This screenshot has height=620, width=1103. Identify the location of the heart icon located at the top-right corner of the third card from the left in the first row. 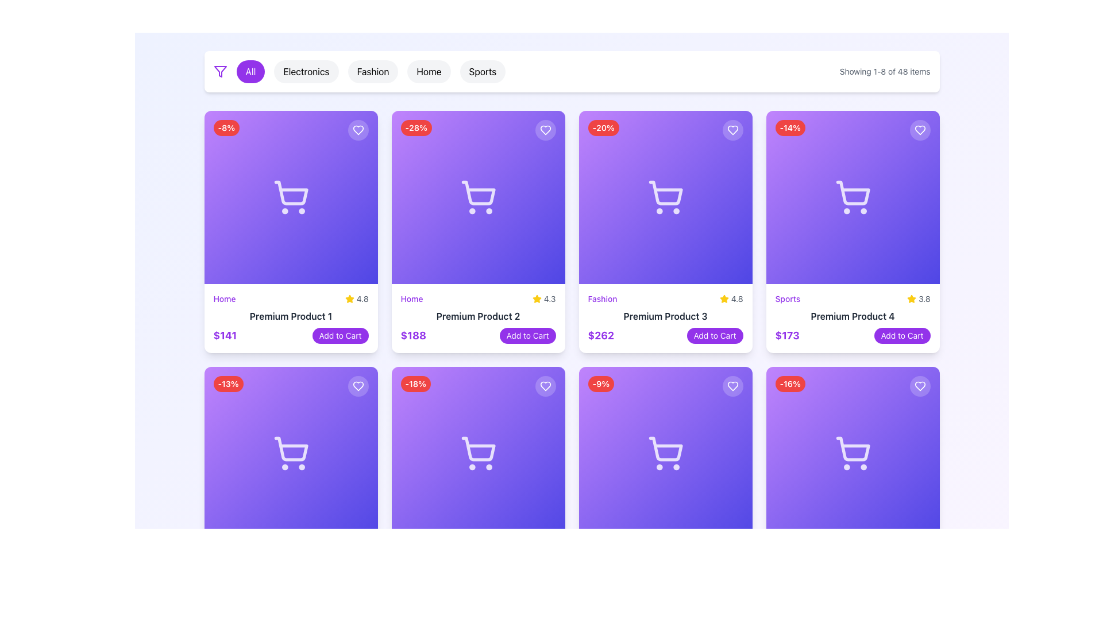
(732, 130).